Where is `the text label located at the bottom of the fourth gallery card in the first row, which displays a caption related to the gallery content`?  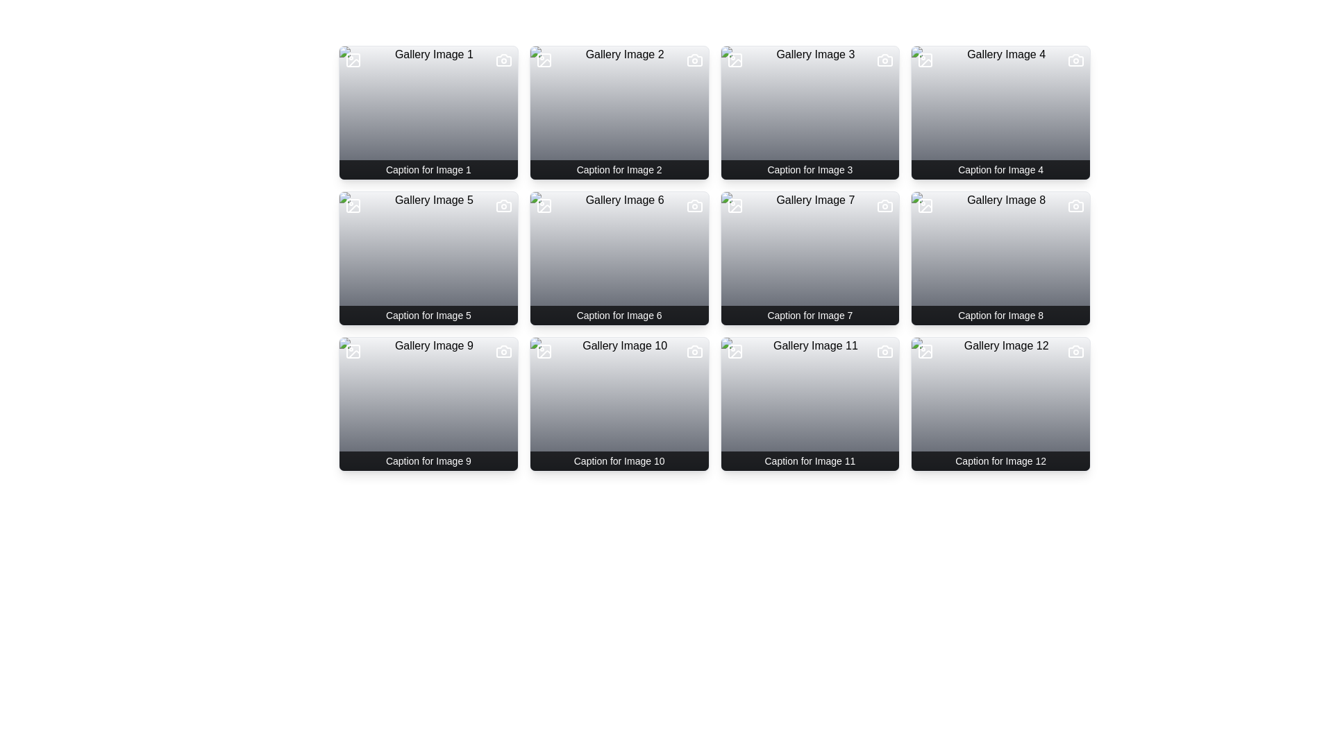
the text label located at the bottom of the fourth gallery card in the first row, which displays a caption related to the gallery content is located at coordinates (1000, 169).